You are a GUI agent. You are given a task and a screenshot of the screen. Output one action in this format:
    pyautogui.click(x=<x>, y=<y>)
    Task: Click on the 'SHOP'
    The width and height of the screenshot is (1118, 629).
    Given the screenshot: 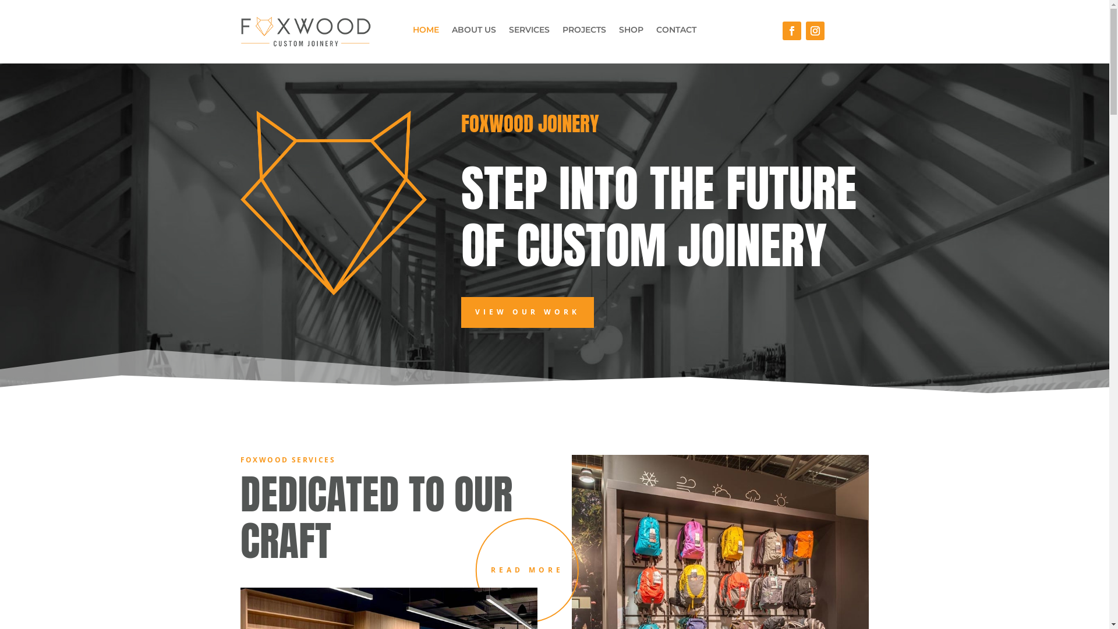 What is the action you would take?
    pyautogui.click(x=618, y=31)
    